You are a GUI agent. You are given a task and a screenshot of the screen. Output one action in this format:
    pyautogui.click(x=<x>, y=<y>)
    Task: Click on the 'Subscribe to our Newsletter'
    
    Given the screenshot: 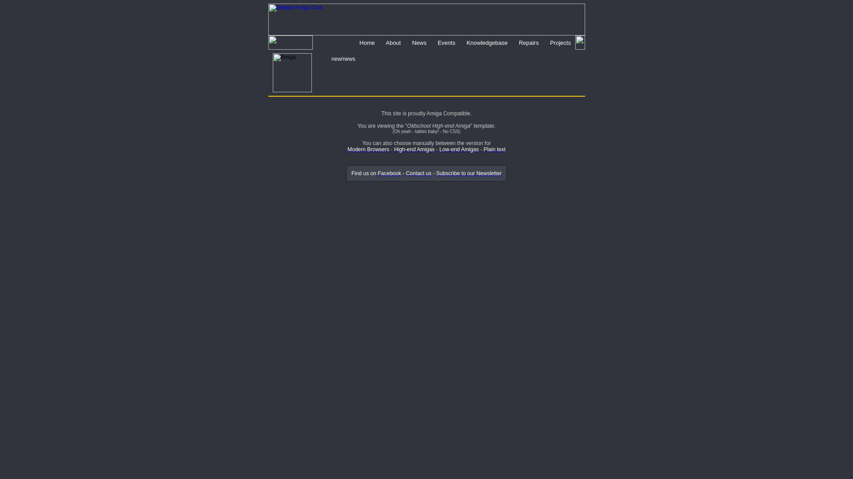 What is the action you would take?
    pyautogui.click(x=468, y=173)
    